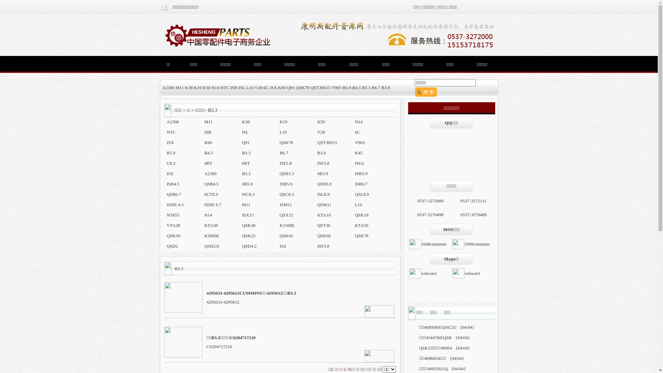 Image resolution: width=663 pixels, height=373 pixels. I want to click on 'QSM11', so click(324, 204).